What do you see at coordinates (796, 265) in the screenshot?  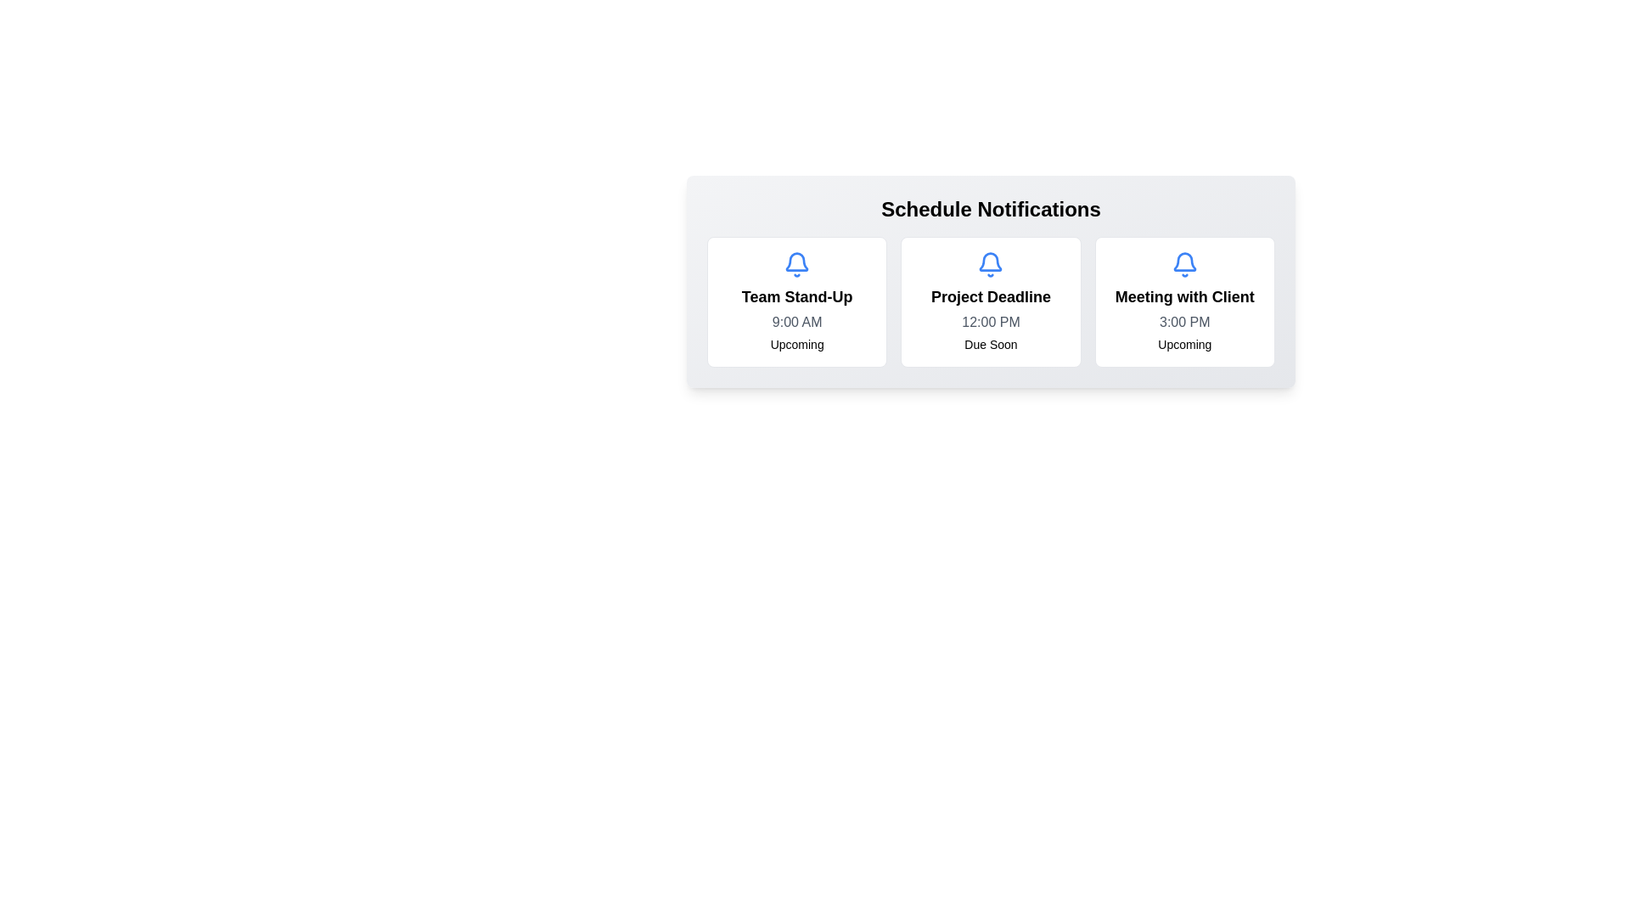 I see `the bell-shaped notification icon with a blue outline located at the top center of the 'Team Stand-Up' card in the 'Schedule Notifications' section` at bounding box center [796, 265].